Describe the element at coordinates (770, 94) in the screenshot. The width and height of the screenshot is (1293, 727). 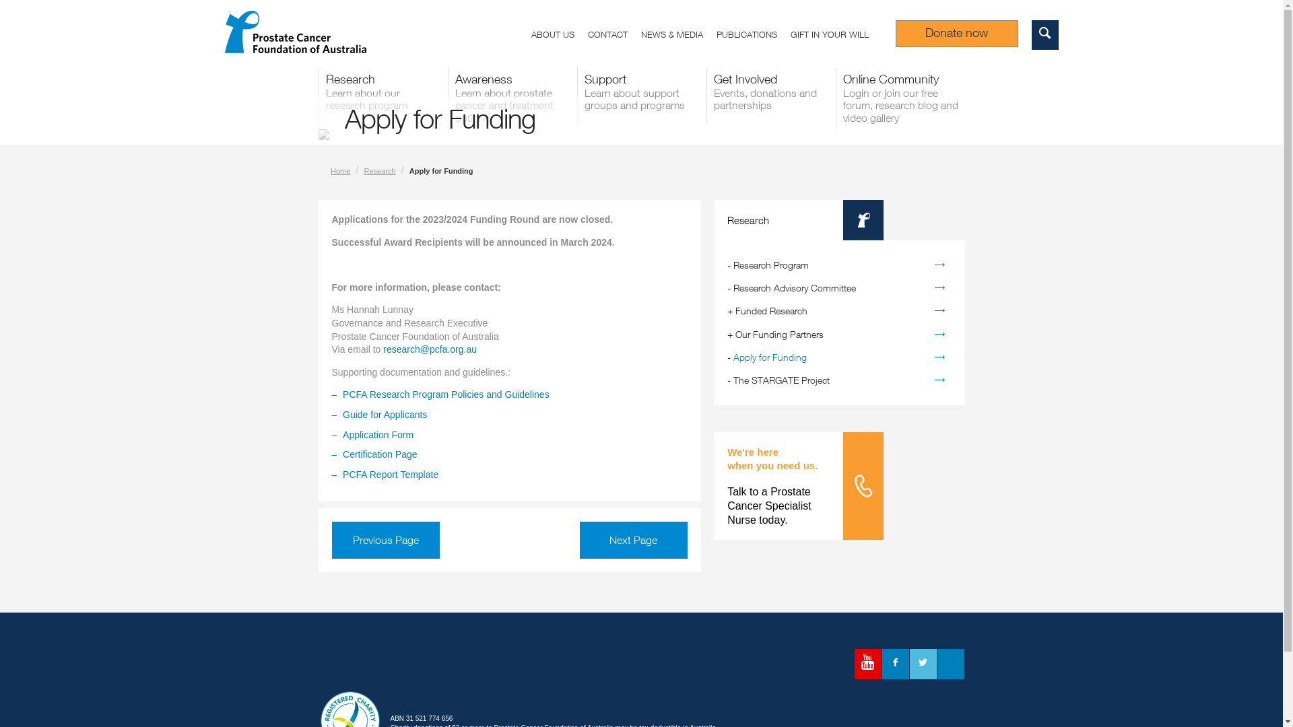
I see `'Get Involved` at that location.